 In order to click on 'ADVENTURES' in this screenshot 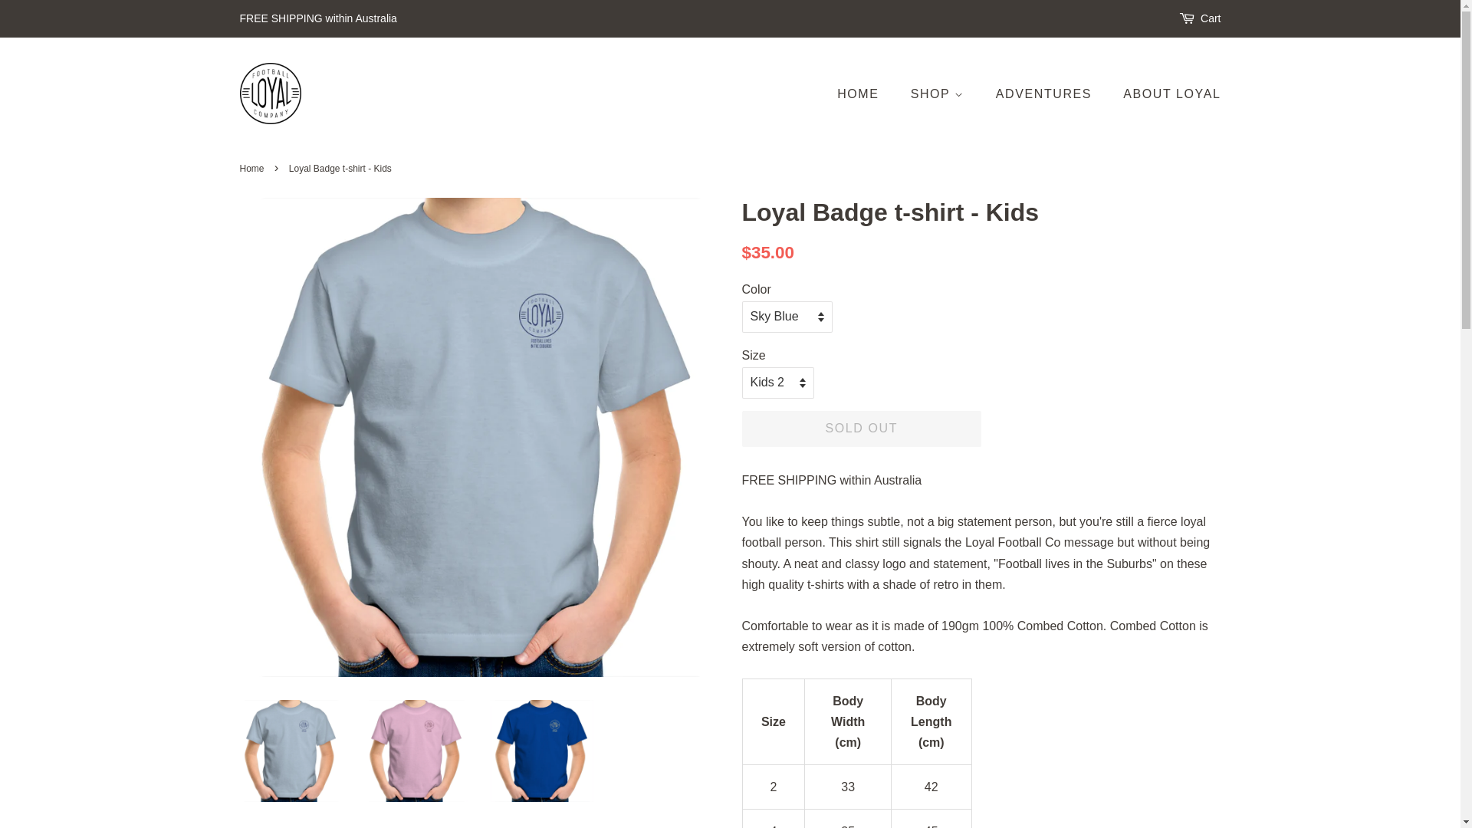, I will do `click(1044, 94)`.